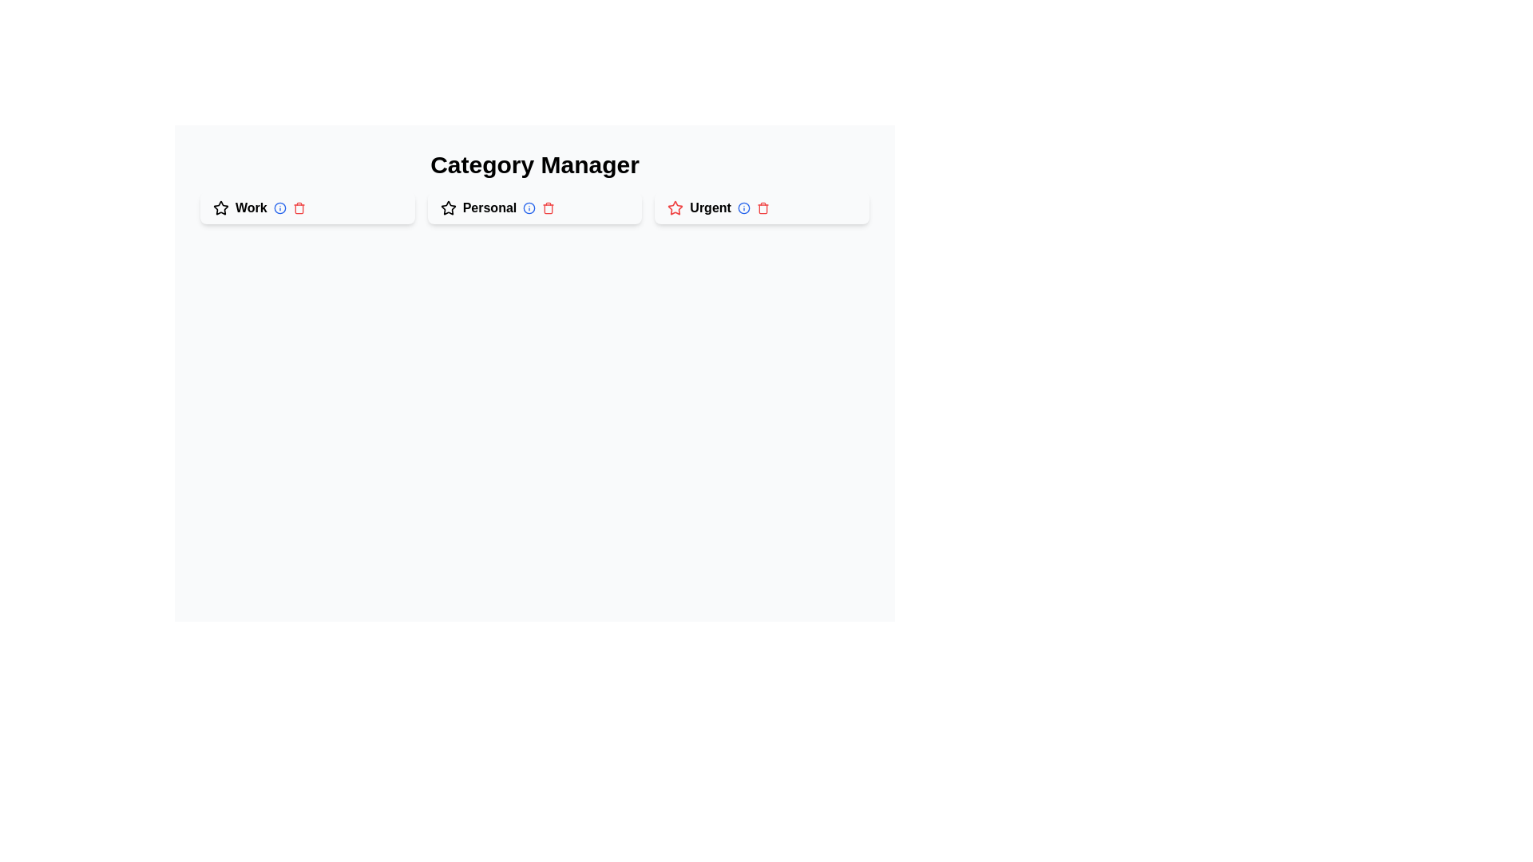  What do you see at coordinates (762, 208) in the screenshot?
I see `delete button for the category labeled Urgent` at bounding box center [762, 208].